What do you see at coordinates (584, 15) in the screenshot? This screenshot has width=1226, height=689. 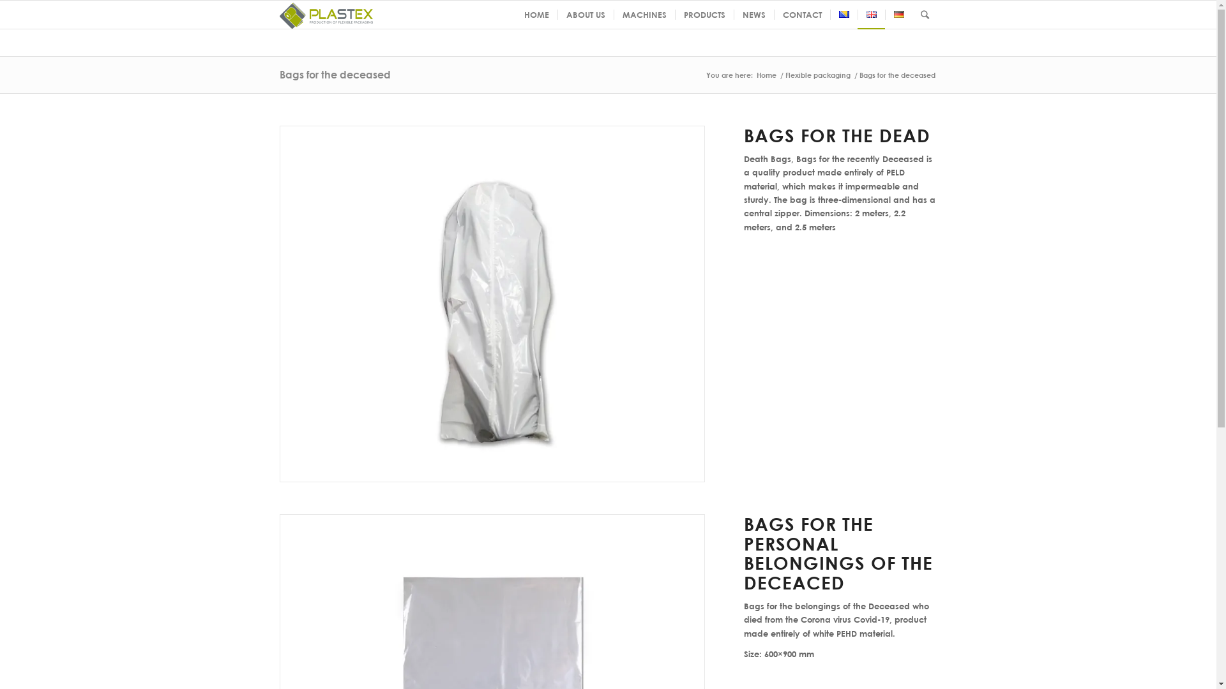 I see `'ABOUT US'` at bounding box center [584, 15].